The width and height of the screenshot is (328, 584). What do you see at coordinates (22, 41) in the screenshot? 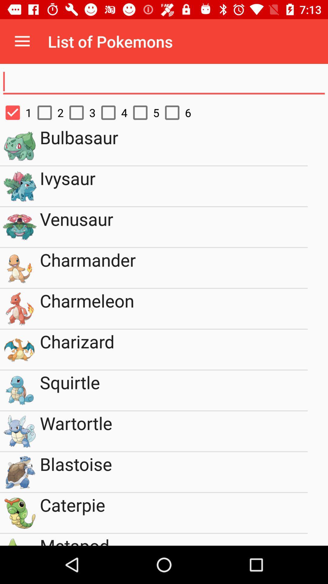
I see `icon to the left of the list of pokemons` at bounding box center [22, 41].